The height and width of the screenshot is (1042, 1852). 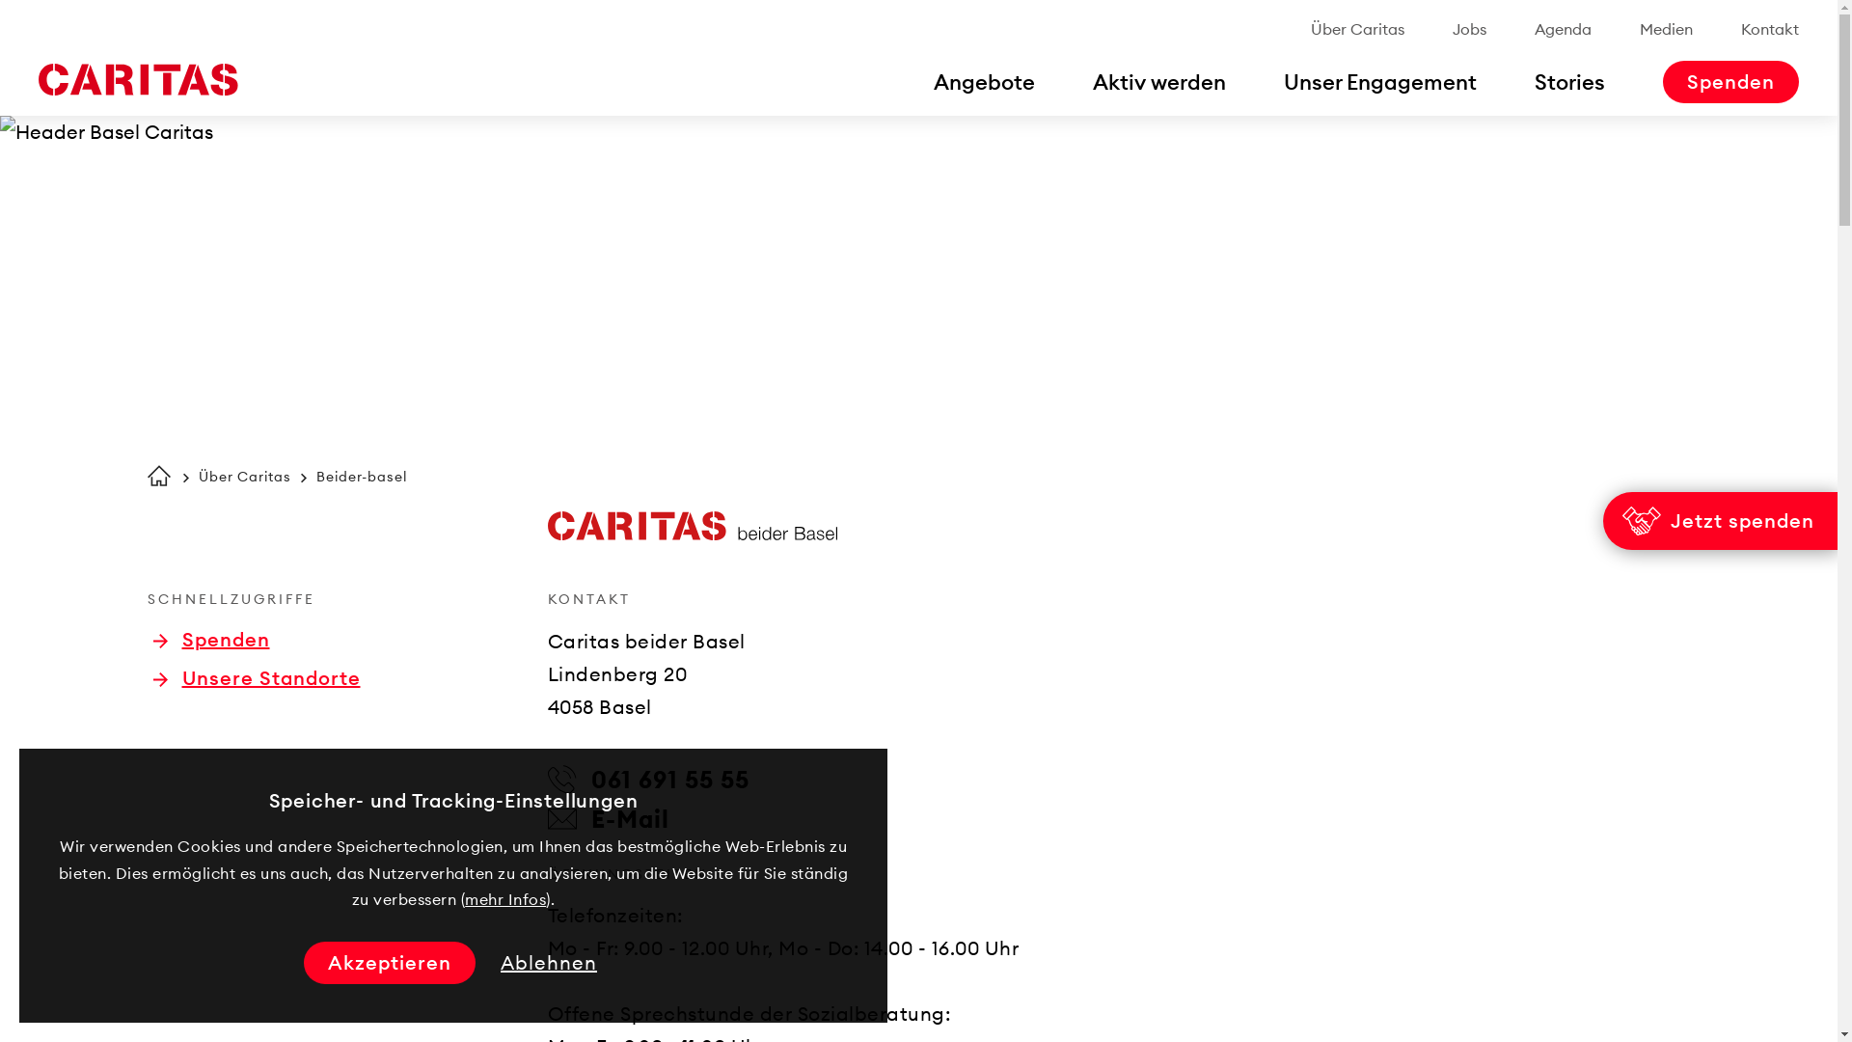 What do you see at coordinates (388, 963) in the screenshot?
I see `'Akzeptieren'` at bounding box center [388, 963].